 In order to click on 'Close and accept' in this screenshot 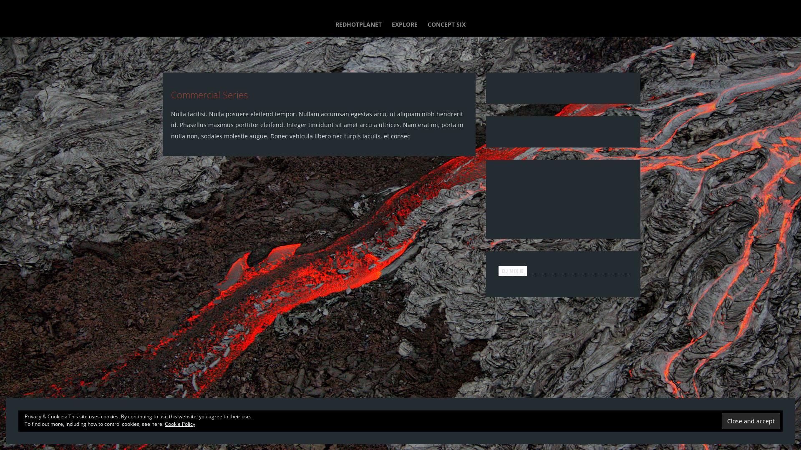, I will do `click(721, 421)`.